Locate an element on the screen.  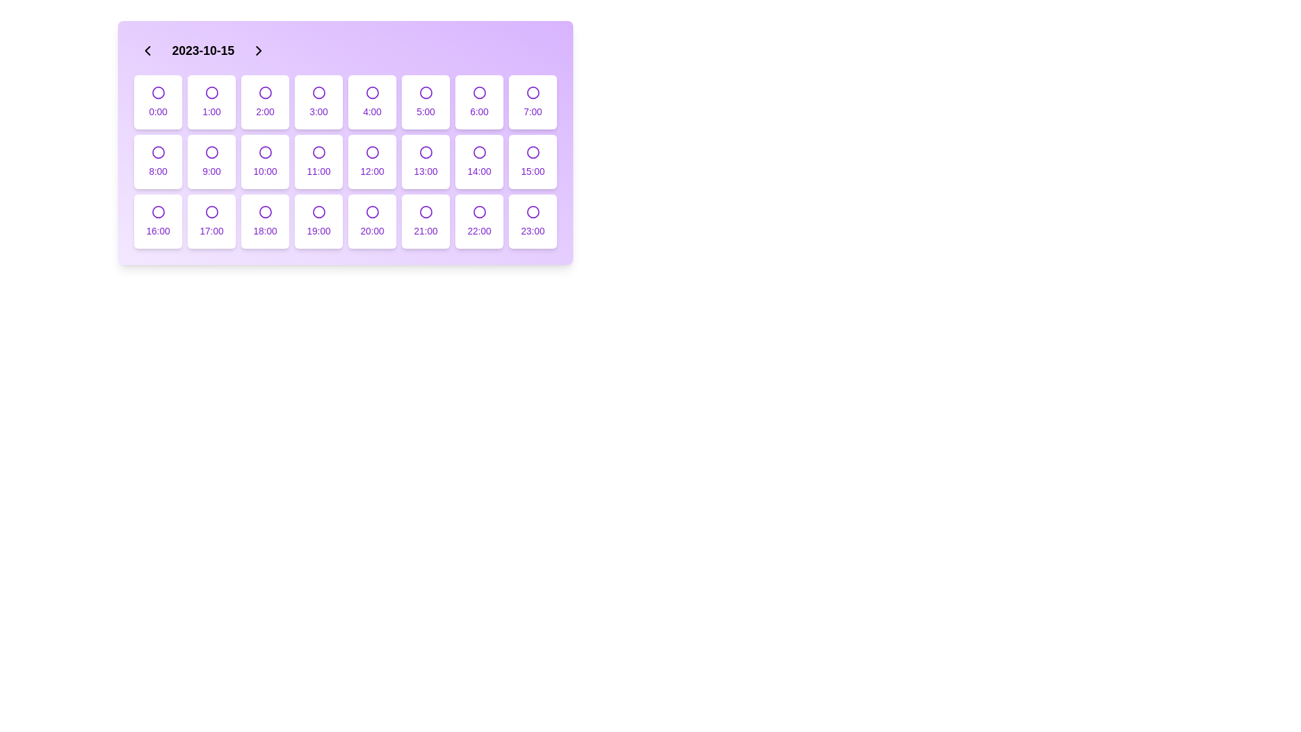
the circular radio button located in the '13:00' cell of the schedule grid is located at coordinates (425, 152).